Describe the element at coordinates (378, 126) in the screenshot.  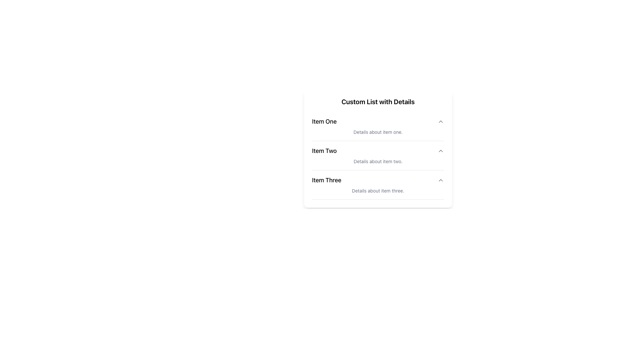
I see `the first list item titled 'Item One' which includes a bold title and a description` at that location.